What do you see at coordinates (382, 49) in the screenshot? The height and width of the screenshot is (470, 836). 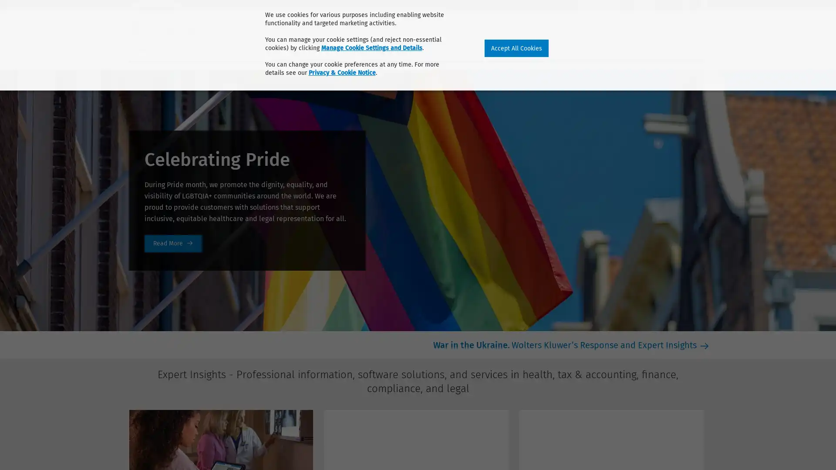 I see `Legal` at bounding box center [382, 49].